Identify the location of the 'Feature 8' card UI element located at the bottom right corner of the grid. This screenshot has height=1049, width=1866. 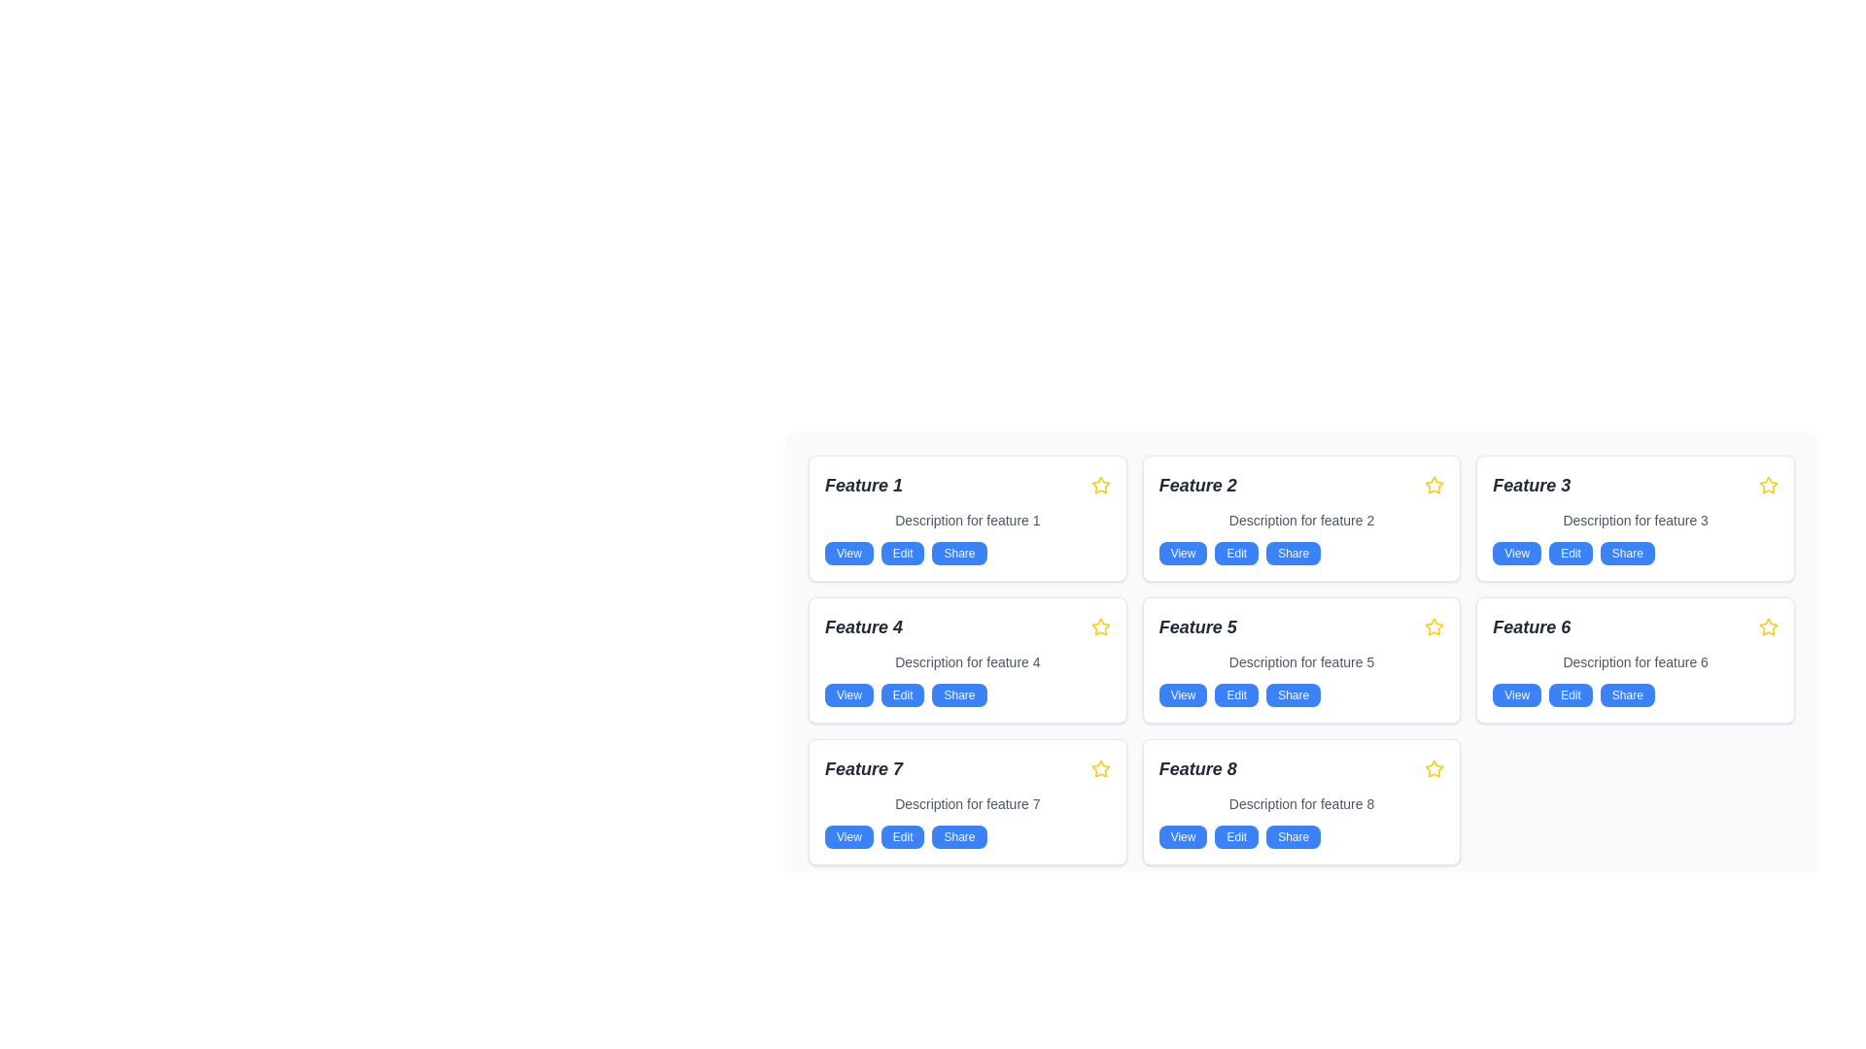
(1301, 801).